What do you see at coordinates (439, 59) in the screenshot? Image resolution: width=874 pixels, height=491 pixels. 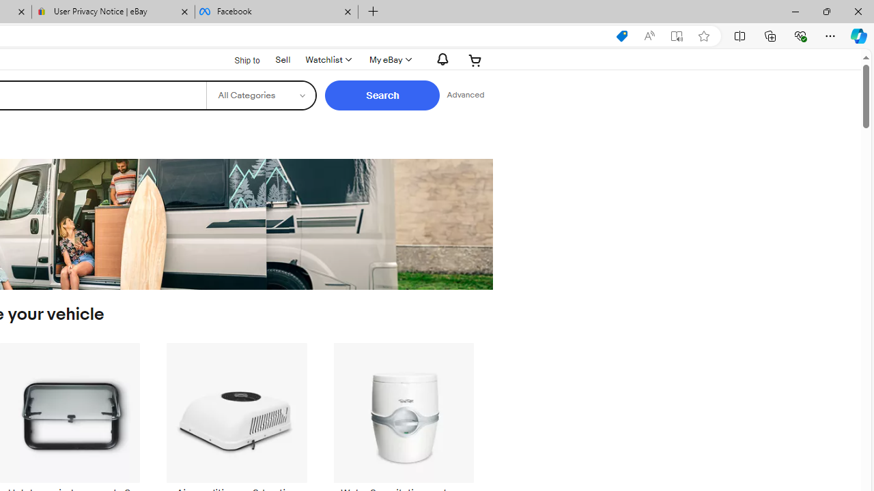 I see `'Notifications'` at bounding box center [439, 59].